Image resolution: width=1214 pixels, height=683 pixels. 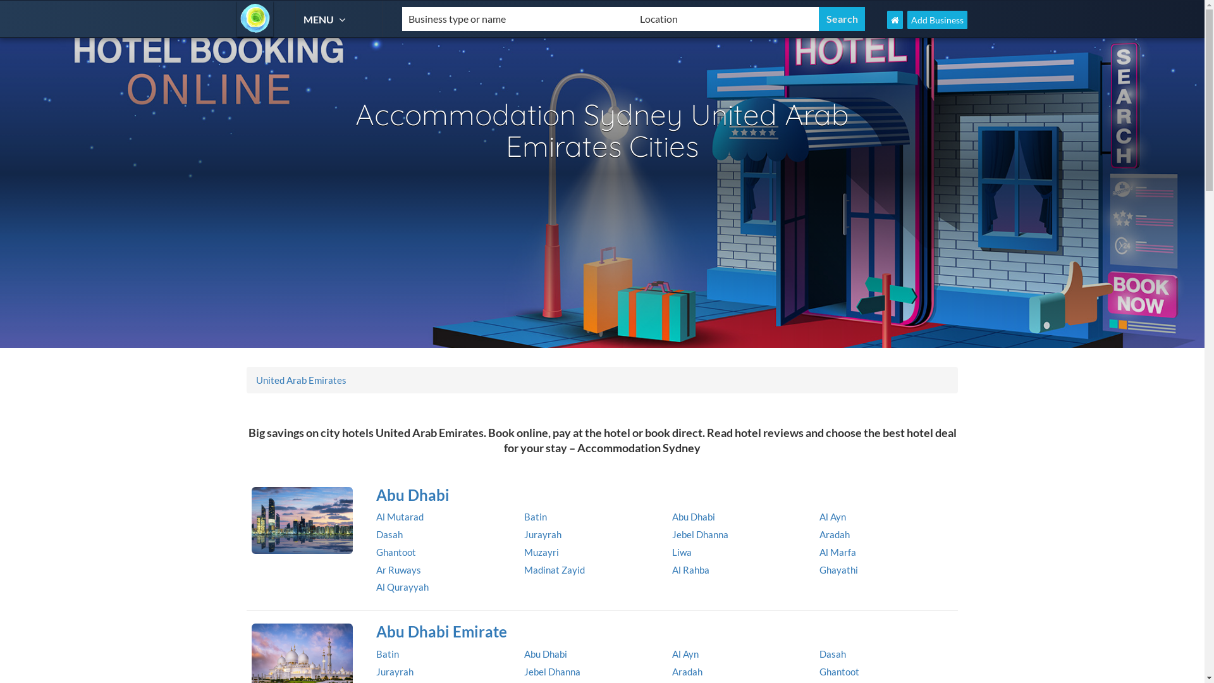 I want to click on 'Abu Dhabi Emirate', so click(x=661, y=632).